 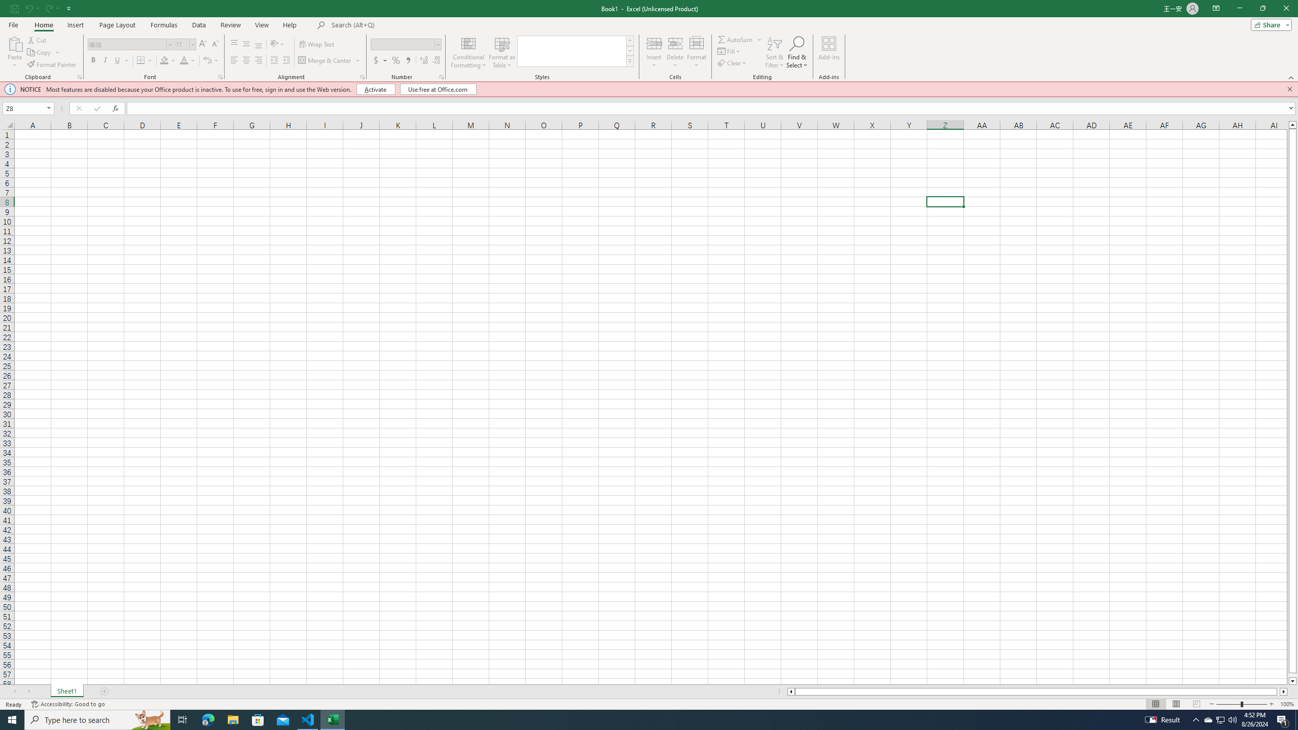 I want to click on 'Insert Cells', so click(x=654, y=43).